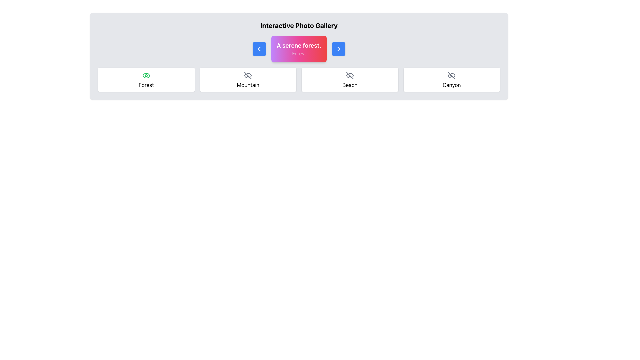 The width and height of the screenshot is (640, 360). I want to click on the small blue button with a white chevron pointing to the right, located to the right of the 'A serene forest.' content block, so click(338, 48).